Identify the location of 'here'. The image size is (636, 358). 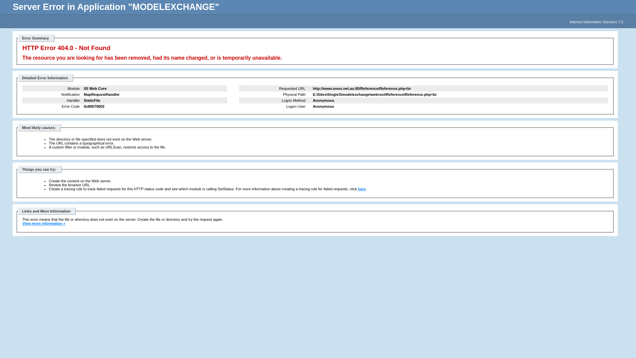
(362, 189).